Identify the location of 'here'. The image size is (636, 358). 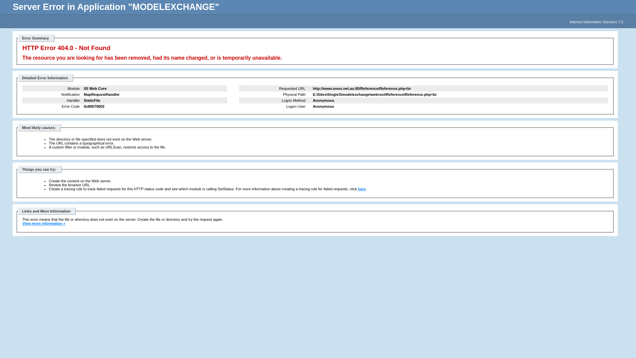
(362, 189).